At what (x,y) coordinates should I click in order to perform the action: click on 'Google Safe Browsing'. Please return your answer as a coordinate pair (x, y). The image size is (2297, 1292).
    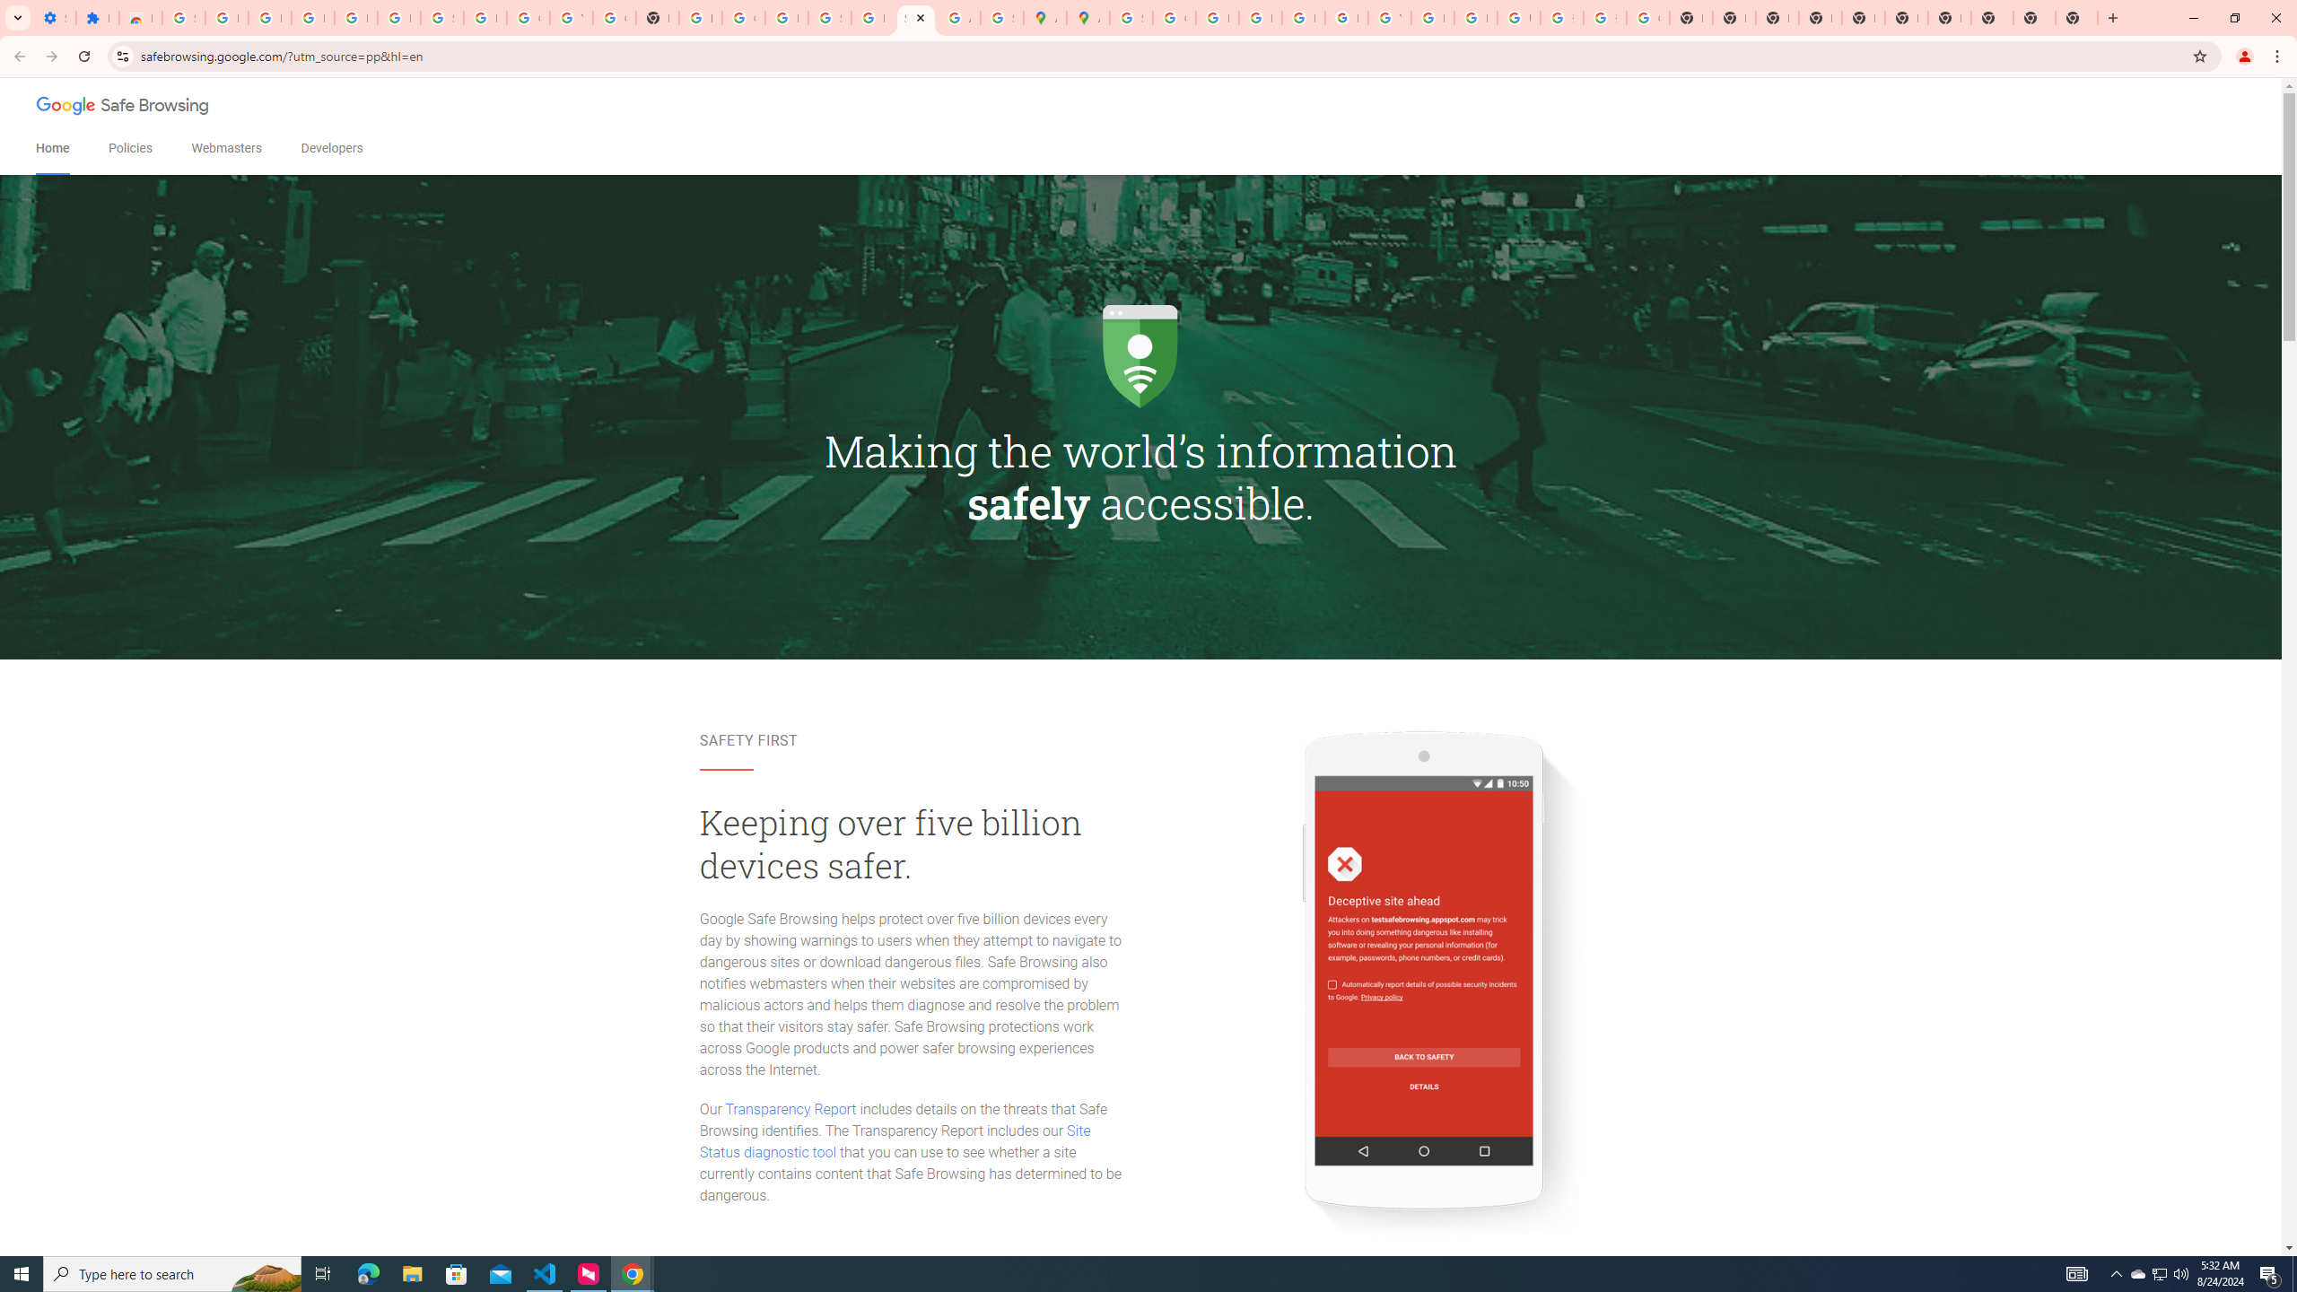
    Looking at the image, I should click on (124, 107).